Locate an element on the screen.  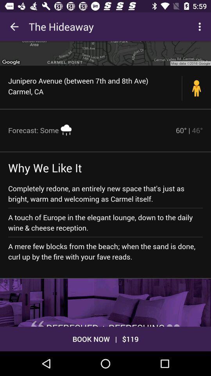
icon next to the hideaway item is located at coordinates (200, 27).